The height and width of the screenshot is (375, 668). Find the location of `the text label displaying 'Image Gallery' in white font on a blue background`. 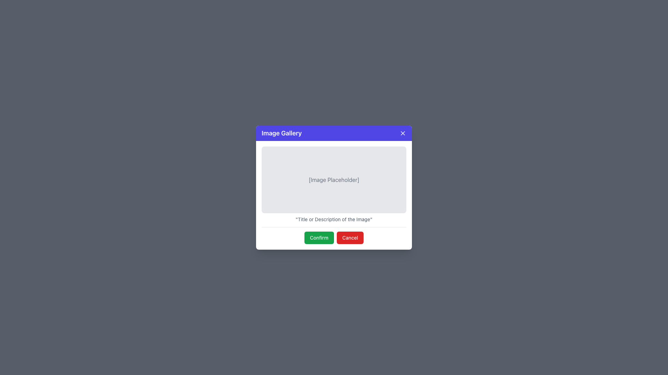

the text label displaying 'Image Gallery' in white font on a blue background is located at coordinates (281, 133).